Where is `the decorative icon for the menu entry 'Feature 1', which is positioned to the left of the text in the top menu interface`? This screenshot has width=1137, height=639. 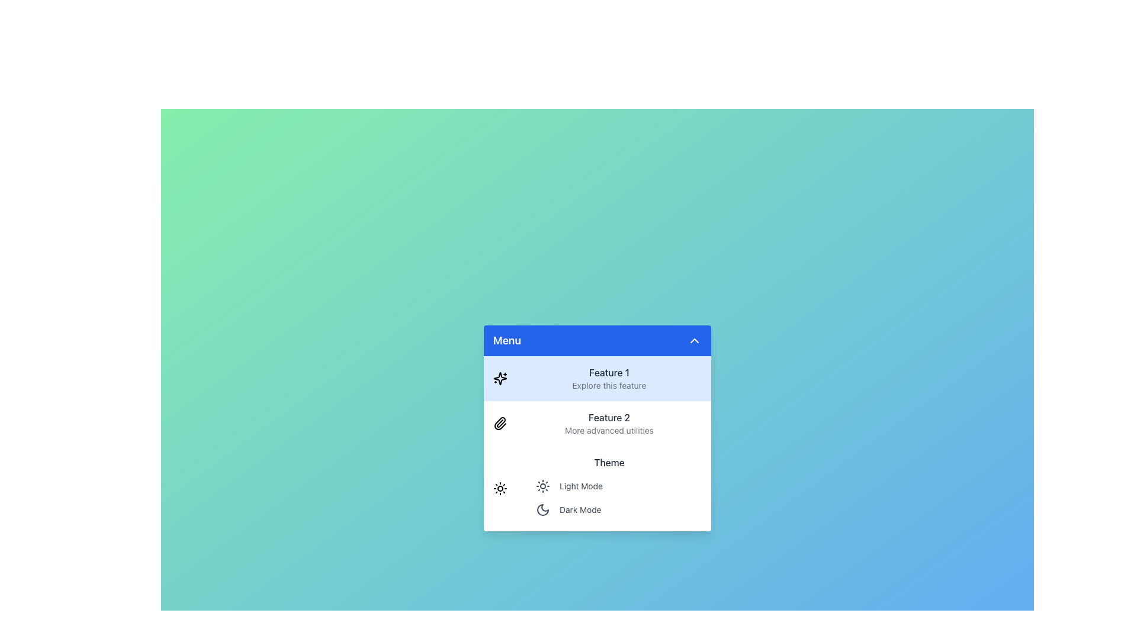
the decorative icon for the menu entry 'Feature 1', which is positioned to the left of the text in the top menu interface is located at coordinates (500, 379).